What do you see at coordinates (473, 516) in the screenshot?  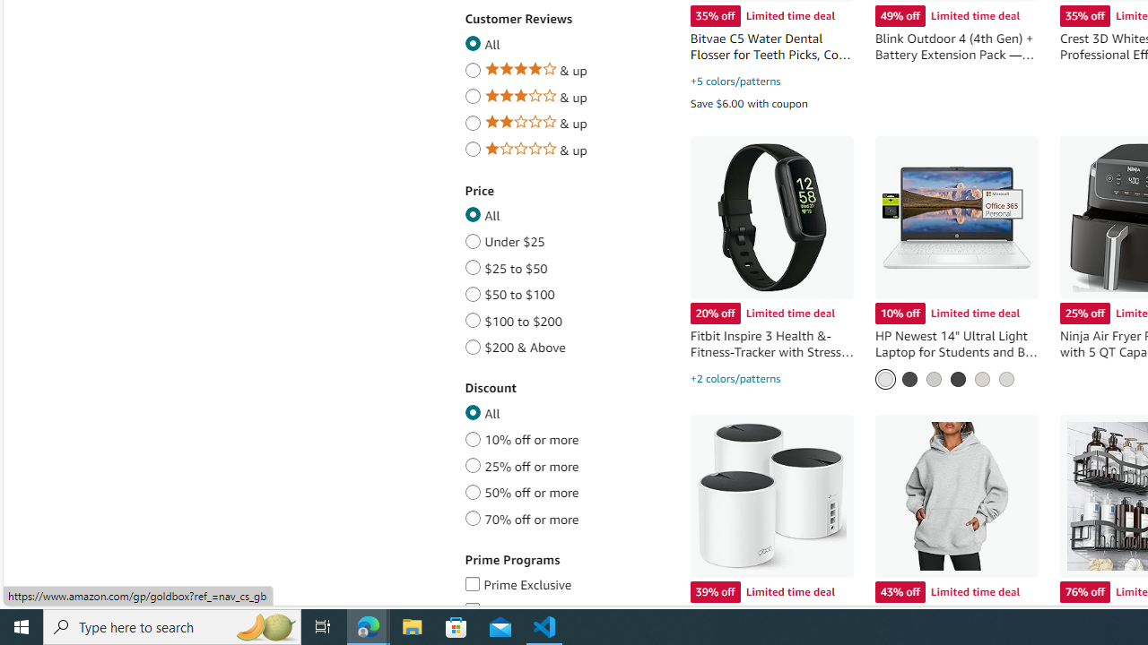 I see `'70% off or more'` at bounding box center [473, 516].